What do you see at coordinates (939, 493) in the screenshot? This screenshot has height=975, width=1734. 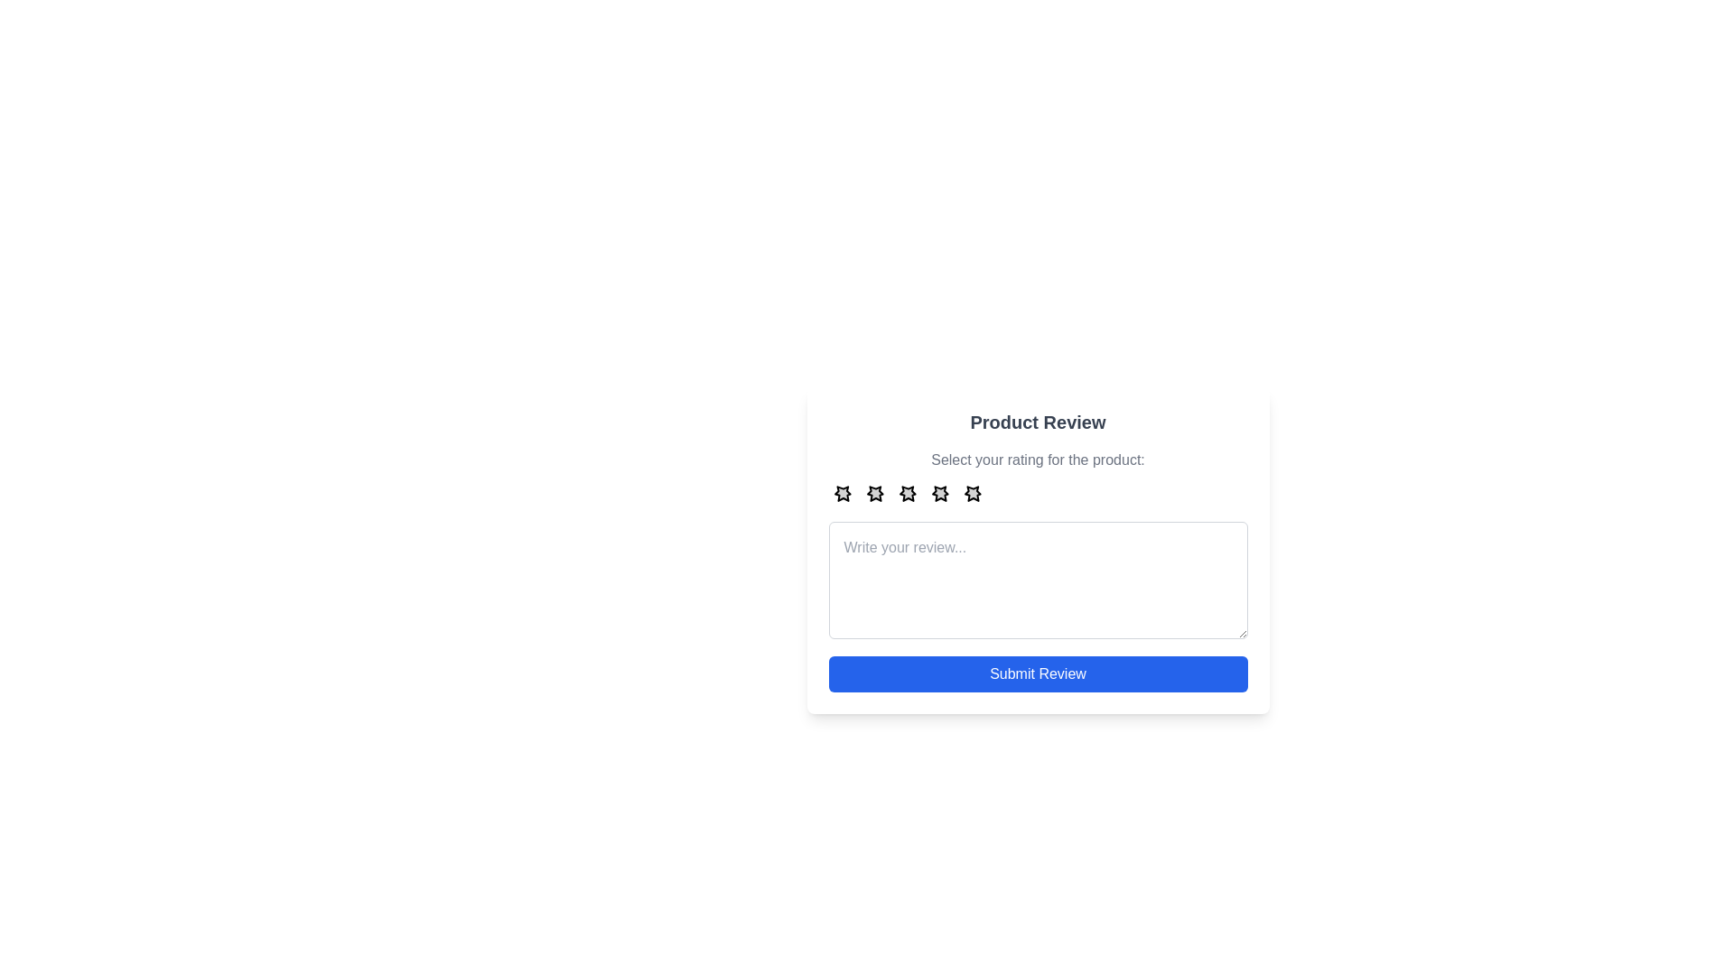 I see `the star corresponding to the rating 4 to select it` at bounding box center [939, 493].